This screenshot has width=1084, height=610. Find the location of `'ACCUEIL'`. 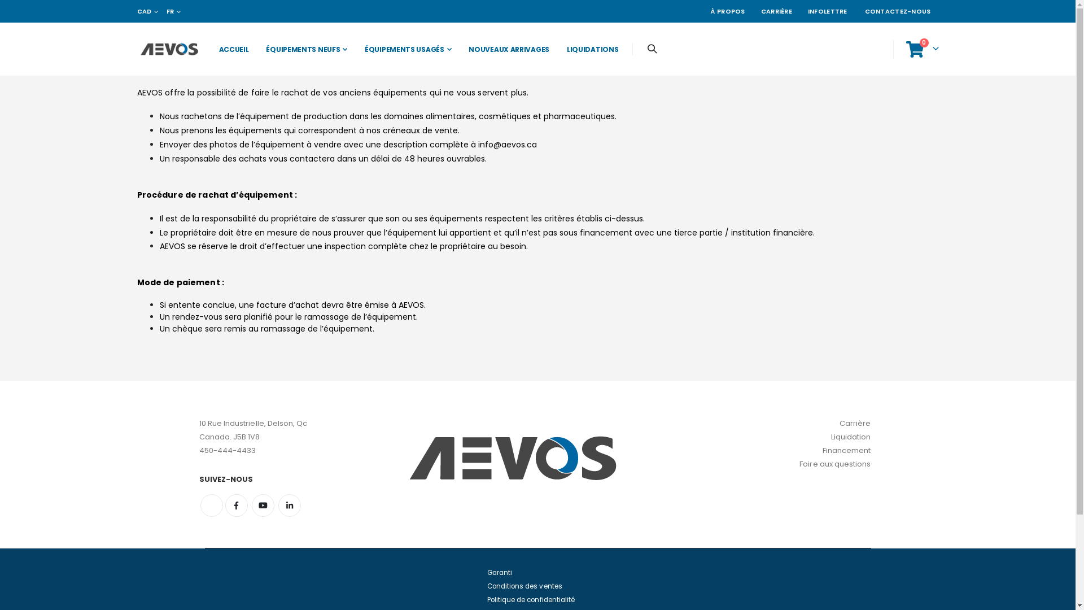

'ACCUEIL' is located at coordinates (230, 49).